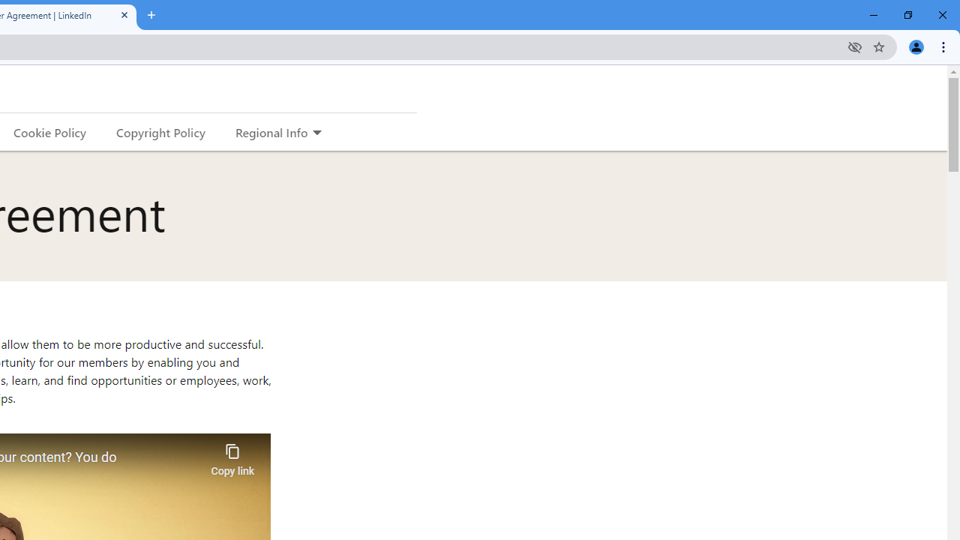 The width and height of the screenshot is (960, 540). Describe the element at coordinates (232, 455) in the screenshot. I see `'Copy link'` at that location.